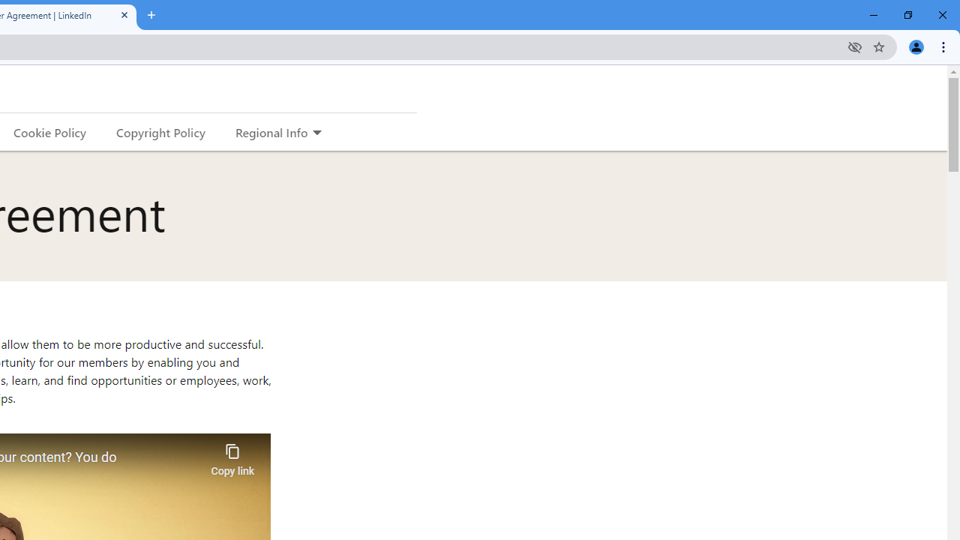 The width and height of the screenshot is (960, 540). Describe the element at coordinates (232, 455) in the screenshot. I see `'Copy link'` at that location.